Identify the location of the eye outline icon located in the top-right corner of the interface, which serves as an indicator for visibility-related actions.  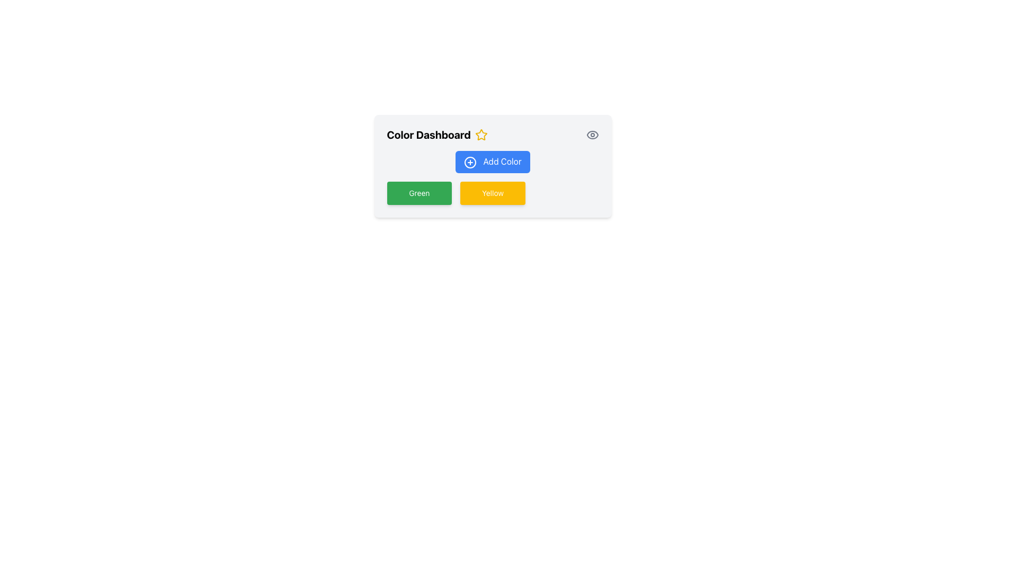
(592, 134).